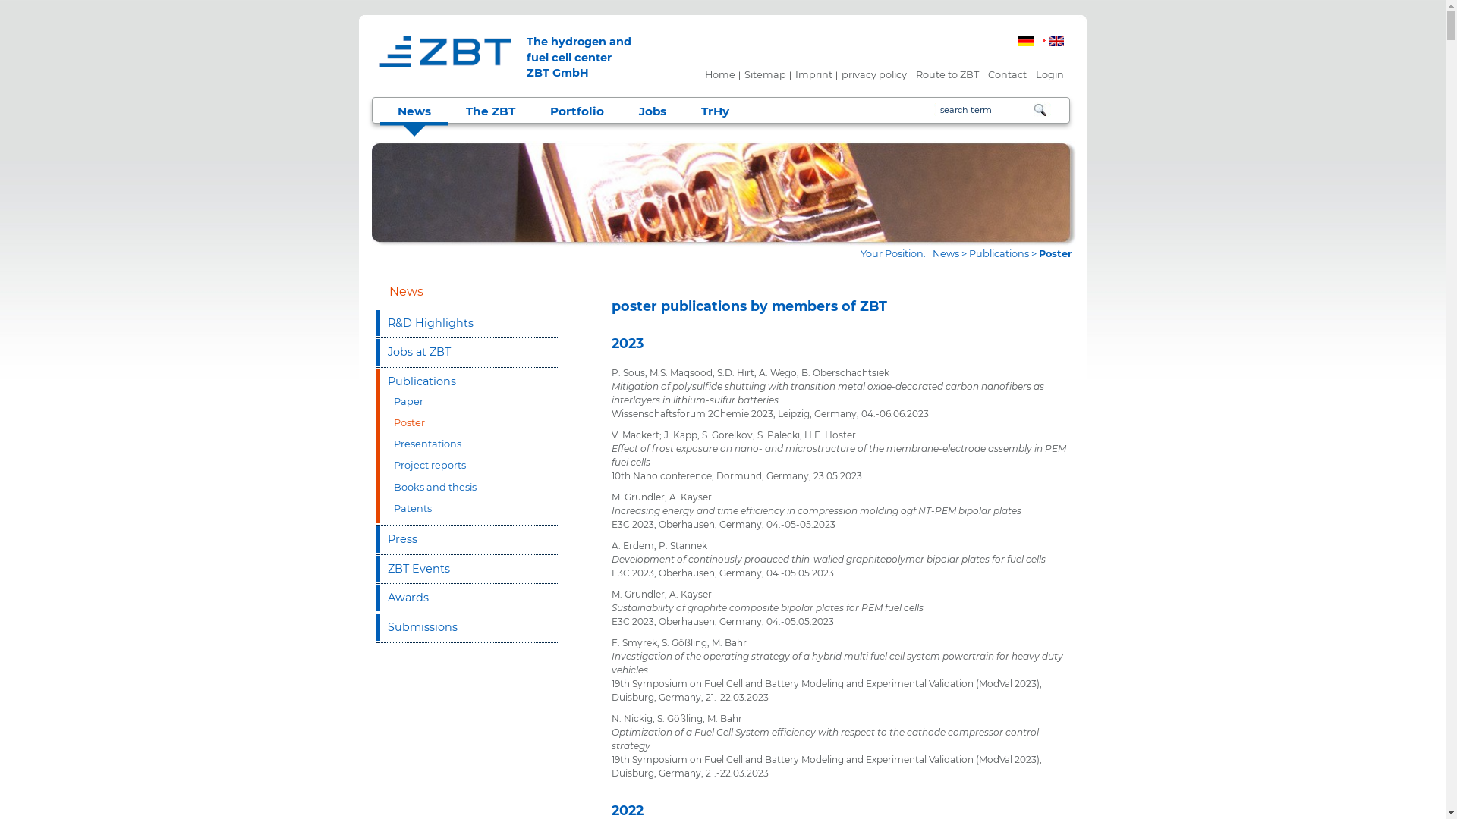  I want to click on 'Contact', so click(1007, 75).